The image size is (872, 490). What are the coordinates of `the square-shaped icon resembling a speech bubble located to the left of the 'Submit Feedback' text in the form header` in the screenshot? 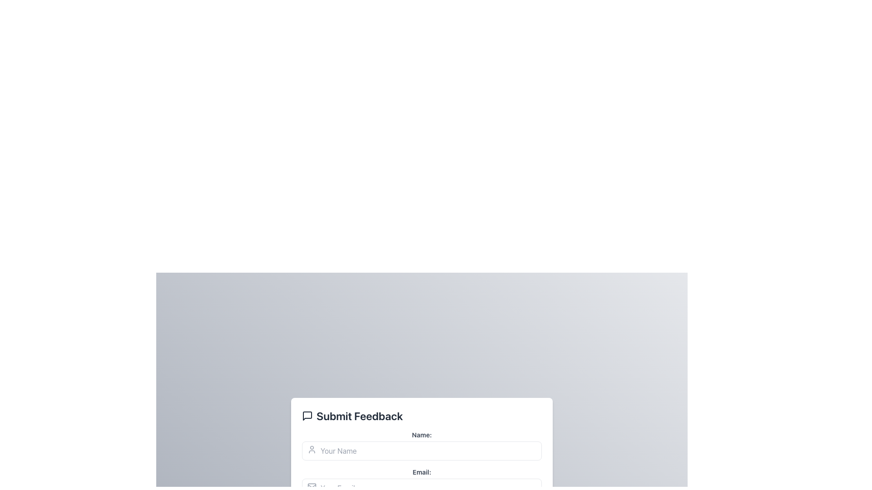 It's located at (307, 416).